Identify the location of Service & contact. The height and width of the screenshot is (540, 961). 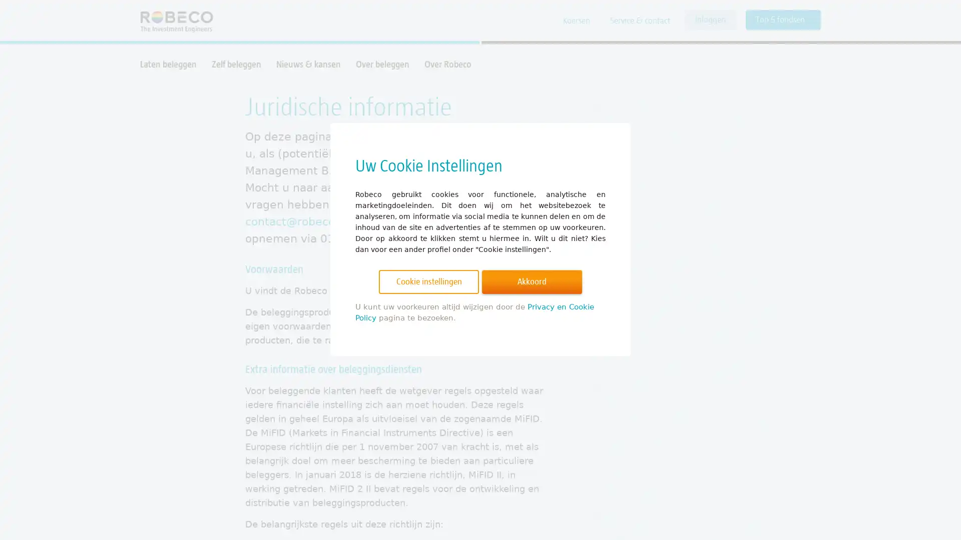
(639, 21).